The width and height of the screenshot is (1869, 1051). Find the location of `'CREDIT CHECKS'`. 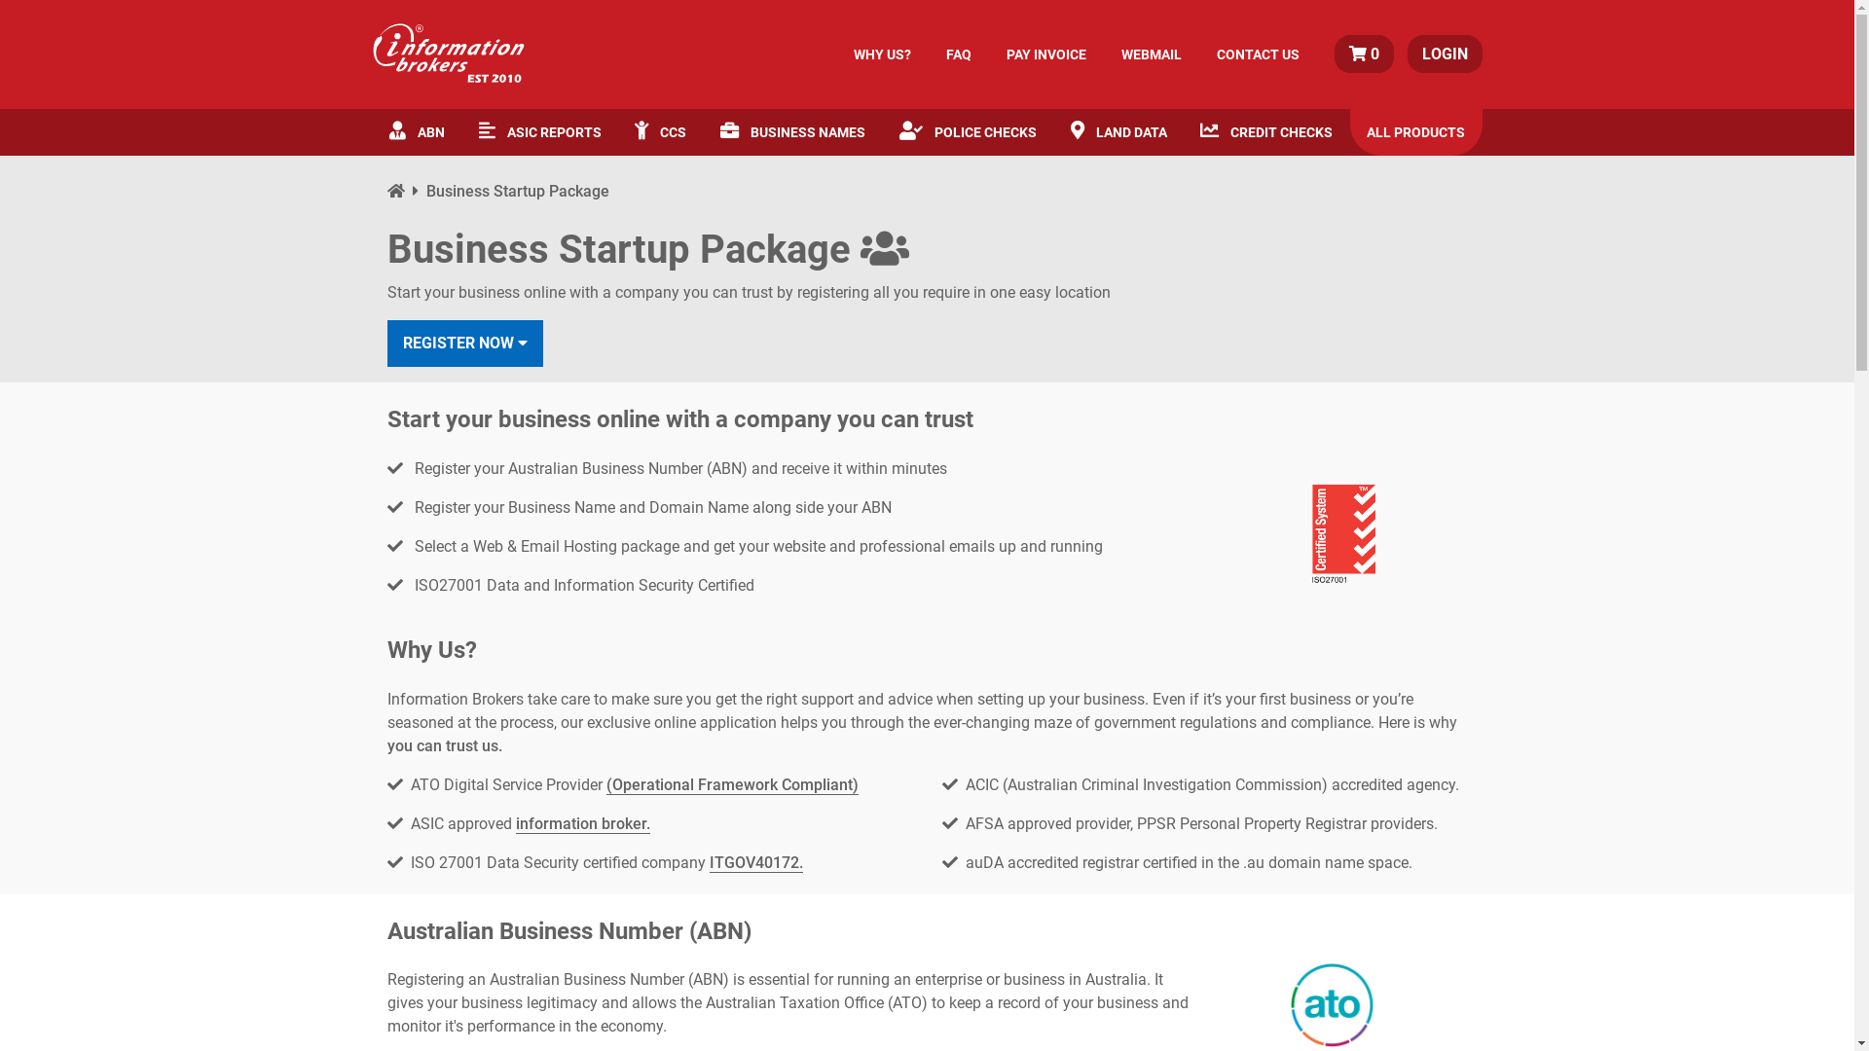

'CREDIT CHECKS' is located at coordinates (1182, 131).